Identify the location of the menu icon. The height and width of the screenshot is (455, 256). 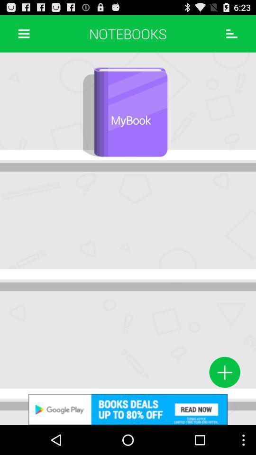
(24, 36).